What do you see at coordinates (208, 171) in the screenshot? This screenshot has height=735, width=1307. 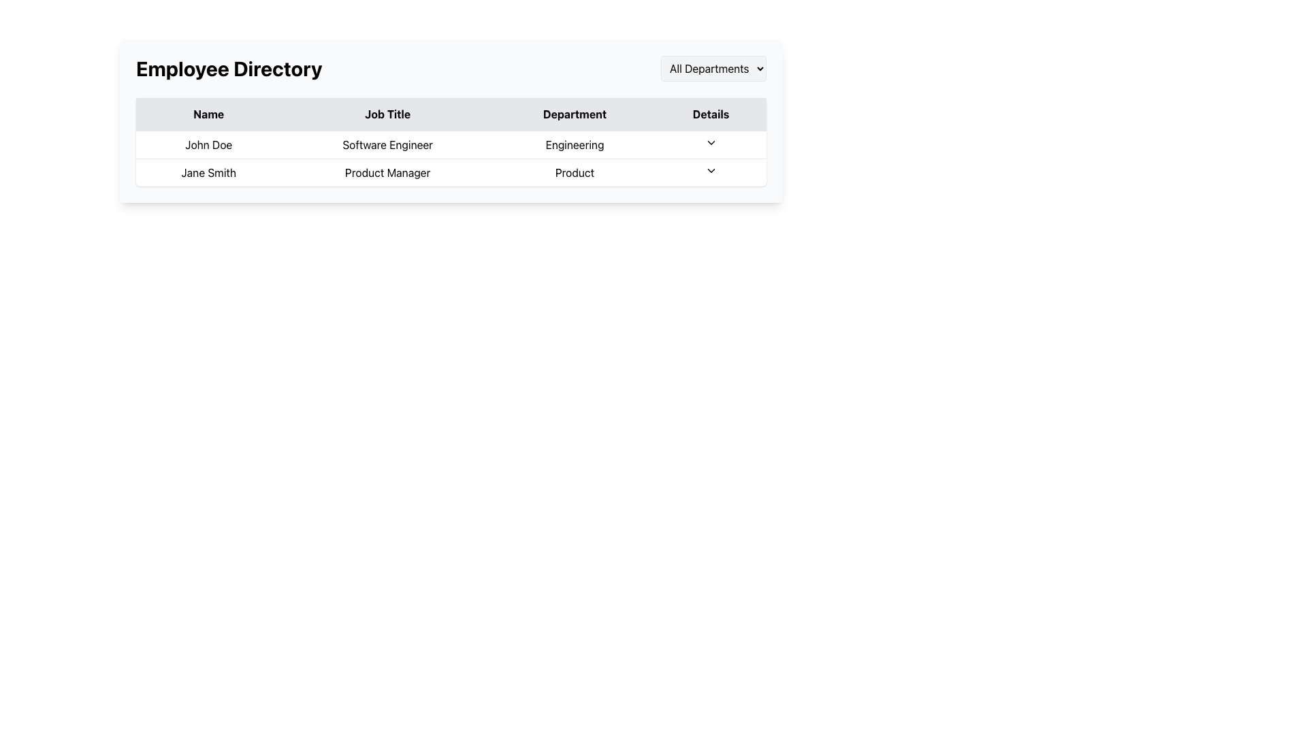 I see `the text label displaying 'Jane Smith', which is located in the second row under the 'Name' column of the structured table` at bounding box center [208, 171].